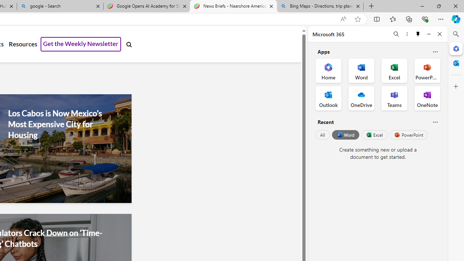 Image resolution: width=464 pixels, height=261 pixels. Describe the element at coordinates (361, 98) in the screenshot. I see `'OneDrive Office App'` at that location.